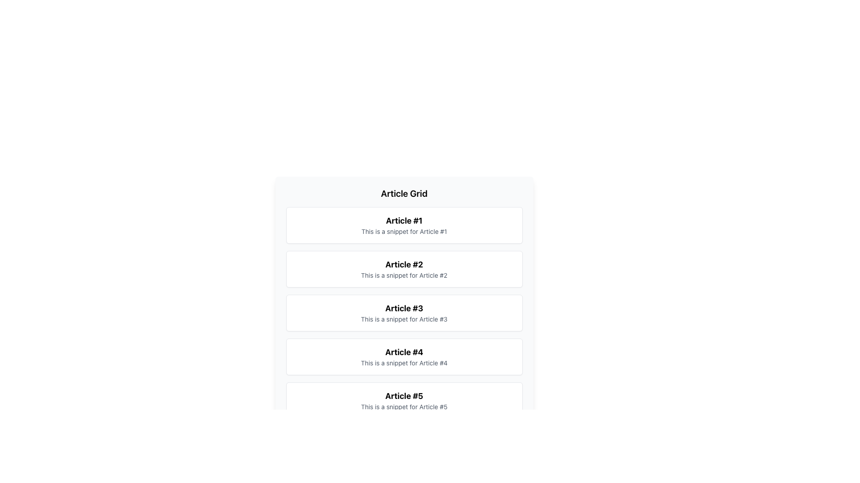 This screenshot has width=860, height=483. Describe the element at coordinates (404, 264) in the screenshot. I see `the 'Article #2' text label, which is prominently displayed in bold, medium-large font at the top of the second content card` at that location.